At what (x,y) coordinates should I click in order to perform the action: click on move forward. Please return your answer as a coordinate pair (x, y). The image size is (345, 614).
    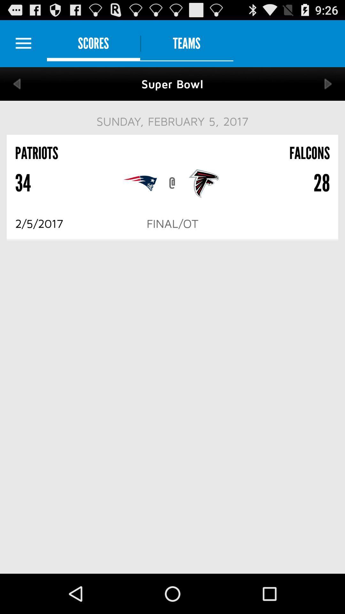
    Looking at the image, I should click on (328, 83).